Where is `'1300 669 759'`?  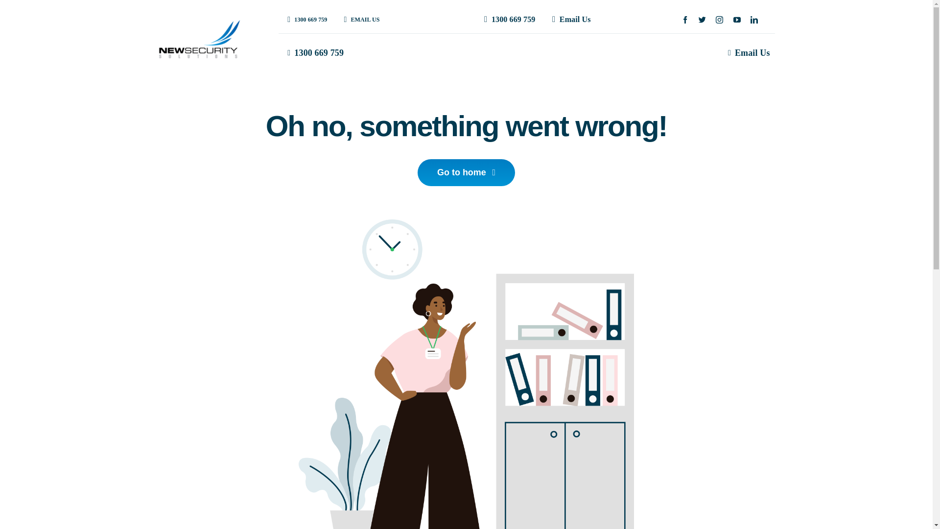
'1300 669 759' is located at coordinates (305, 19).